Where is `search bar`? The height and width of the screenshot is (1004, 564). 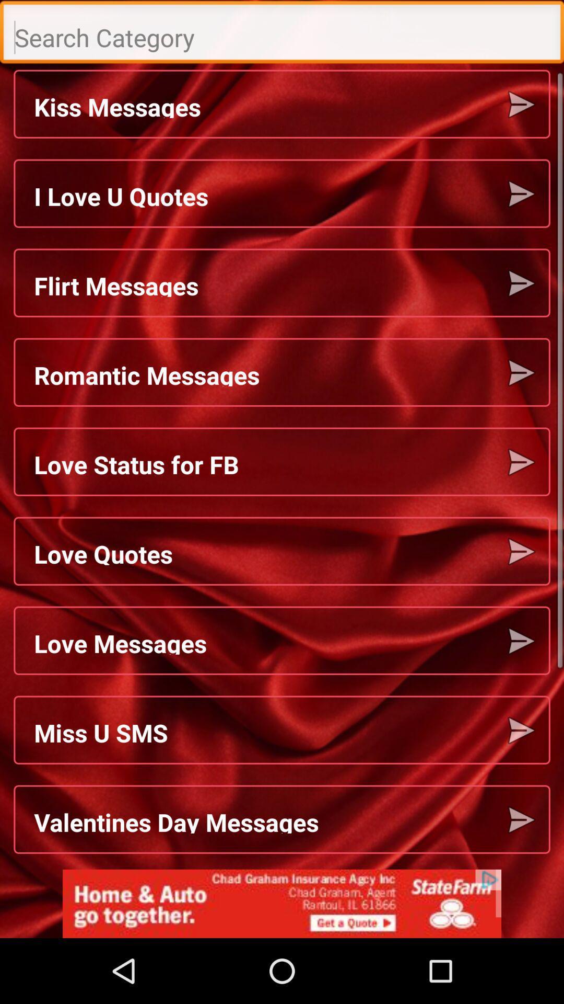
search bar is located at coordinates (282, 35).